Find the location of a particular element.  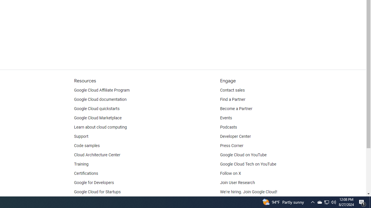

'Google Cloud Affiliate Program' is located at coordinates (102, 90).